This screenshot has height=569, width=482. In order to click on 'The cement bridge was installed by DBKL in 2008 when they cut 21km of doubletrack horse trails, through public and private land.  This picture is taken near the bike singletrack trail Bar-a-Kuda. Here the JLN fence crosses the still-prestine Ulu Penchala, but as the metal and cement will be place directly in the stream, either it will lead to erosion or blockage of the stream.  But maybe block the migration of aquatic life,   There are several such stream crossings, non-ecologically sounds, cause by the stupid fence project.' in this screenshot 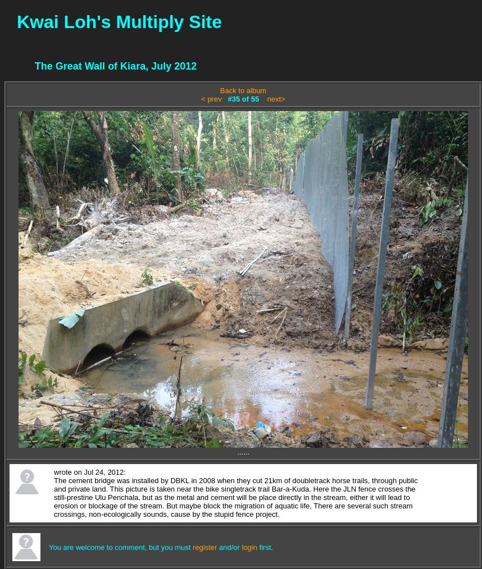, I will do `click(235, 497)`.